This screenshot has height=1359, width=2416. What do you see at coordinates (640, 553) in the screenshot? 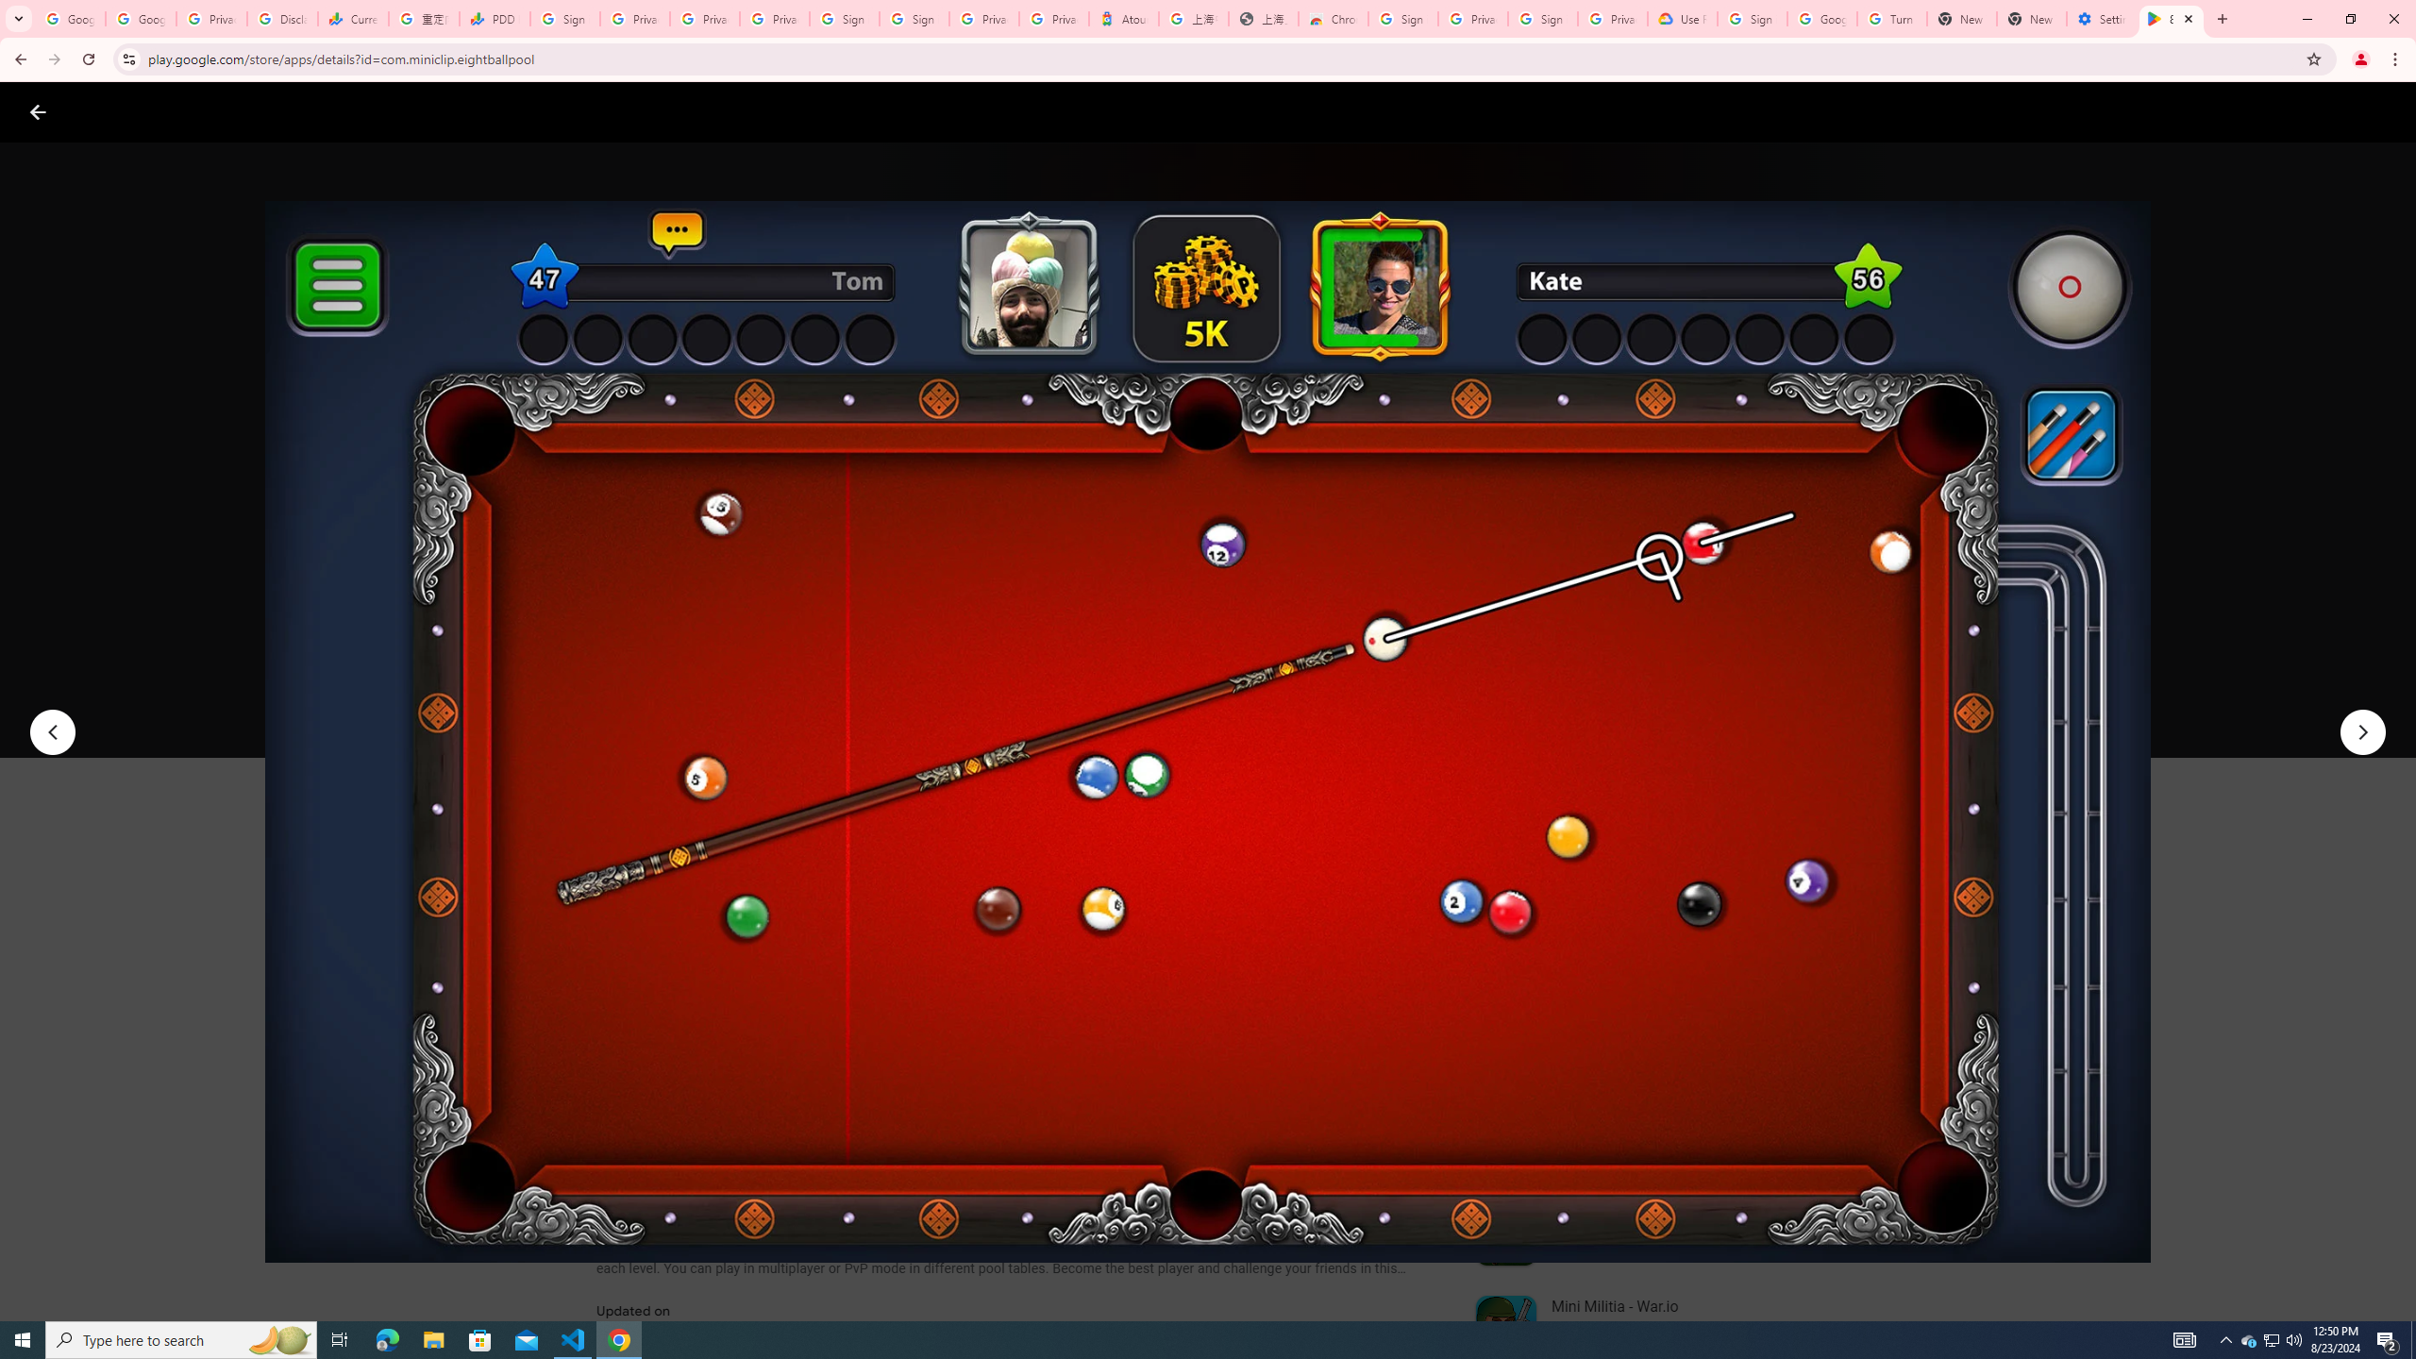
I see `'Miniclip.com'` at bounding box center [640, 553].